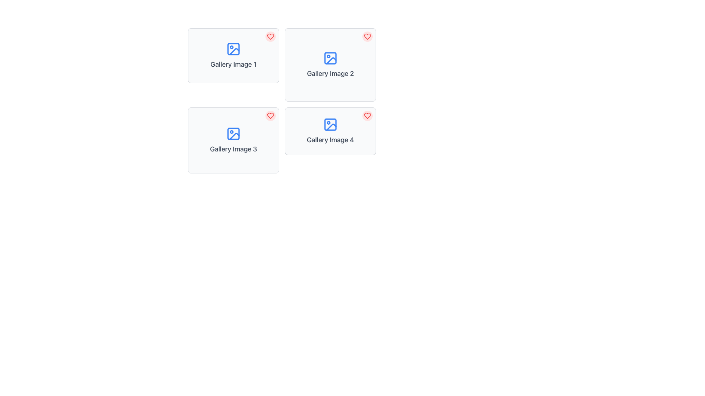 This screenshot has height=396, width=705. What do you see at coordinates (368, 37) in the screenshot?
I see `the heart icon in the top-right corner of the 'Gallery Image 2' card` at bounding box center [368, 37].